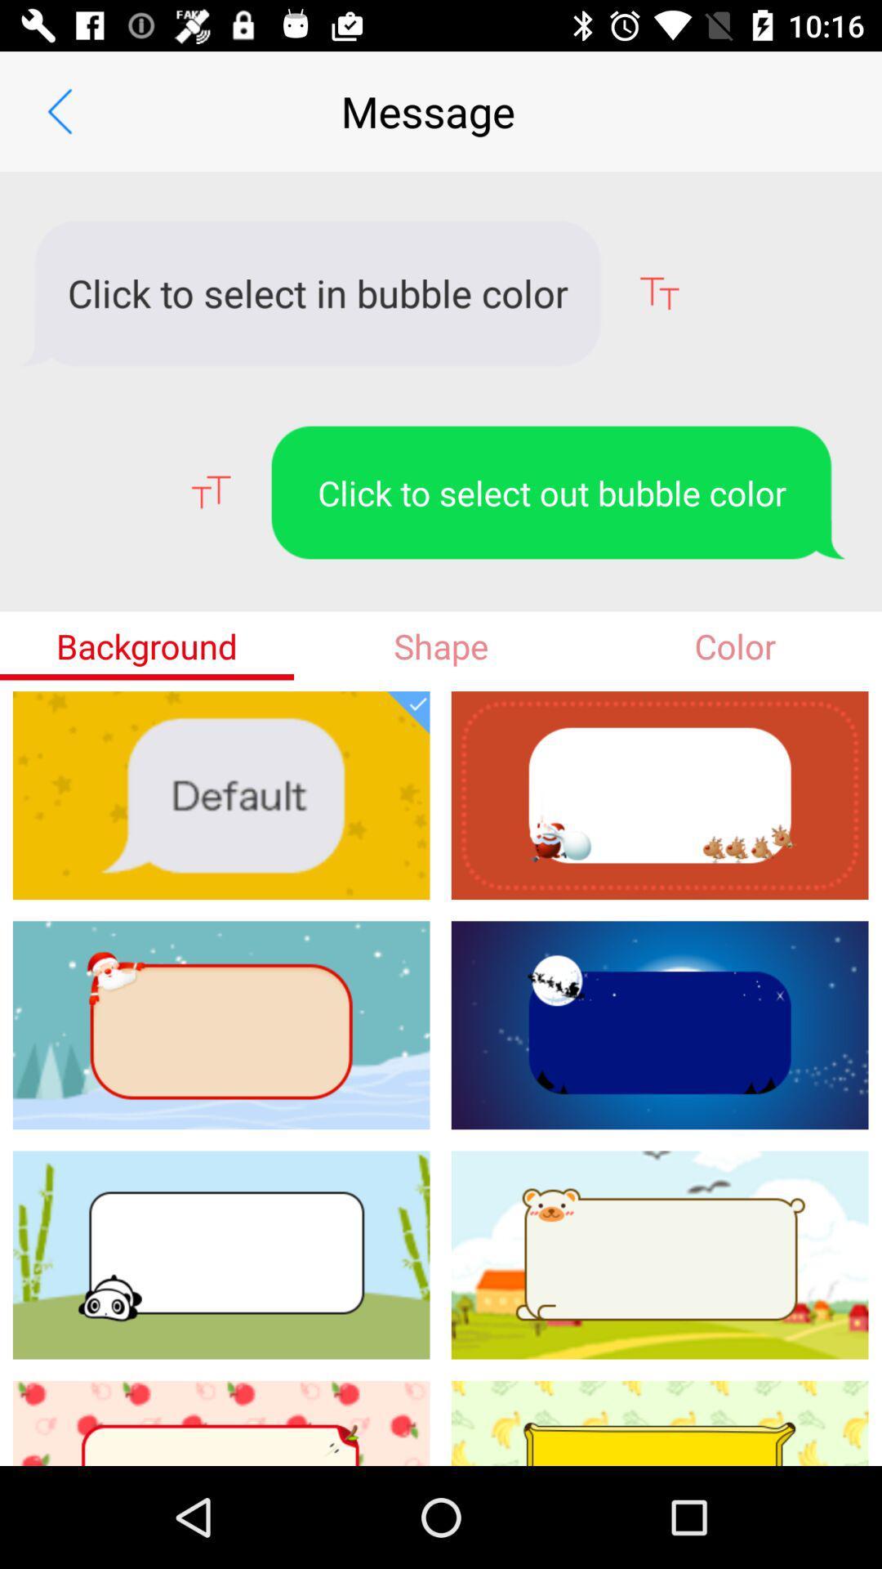  What do you see at coordinates (59, 110) in the screenshot?
I see `icon next to the message app` at bounding box center [59, 110].